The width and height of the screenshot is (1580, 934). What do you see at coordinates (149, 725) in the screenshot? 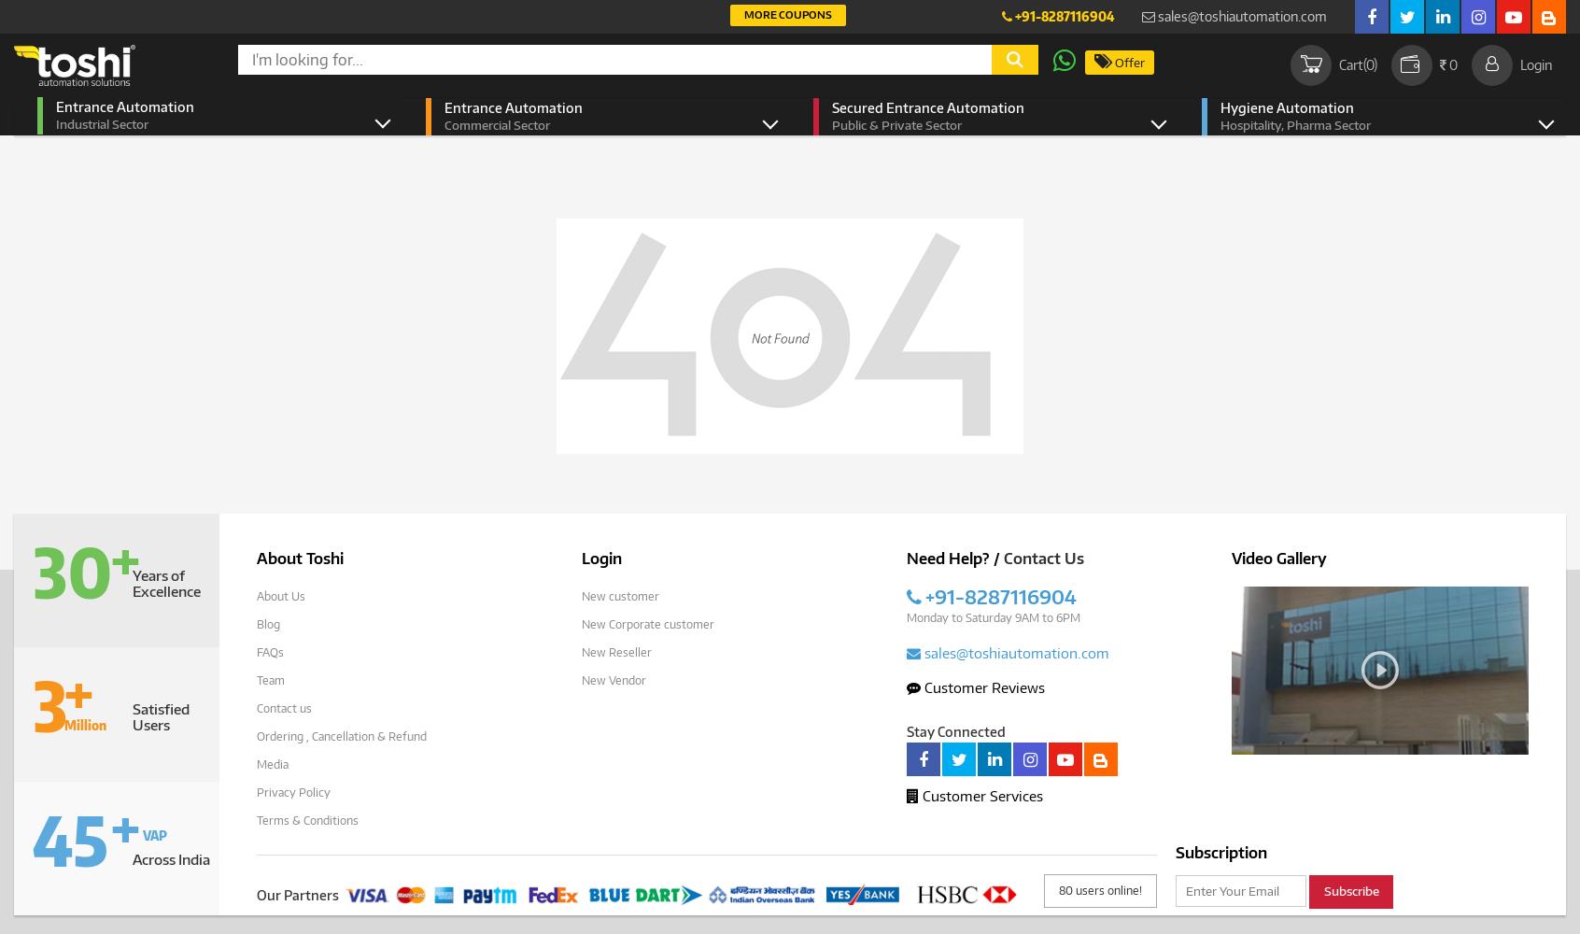
I see `'Users'` at bounding box center [149, 725].